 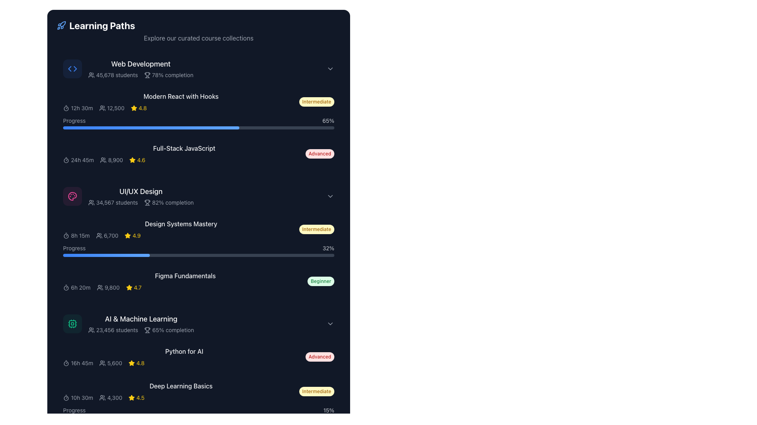 What do you see at coordinates (71, 127) in the screenshot?
I see `the progress bar` at bounding box center [71, 127].